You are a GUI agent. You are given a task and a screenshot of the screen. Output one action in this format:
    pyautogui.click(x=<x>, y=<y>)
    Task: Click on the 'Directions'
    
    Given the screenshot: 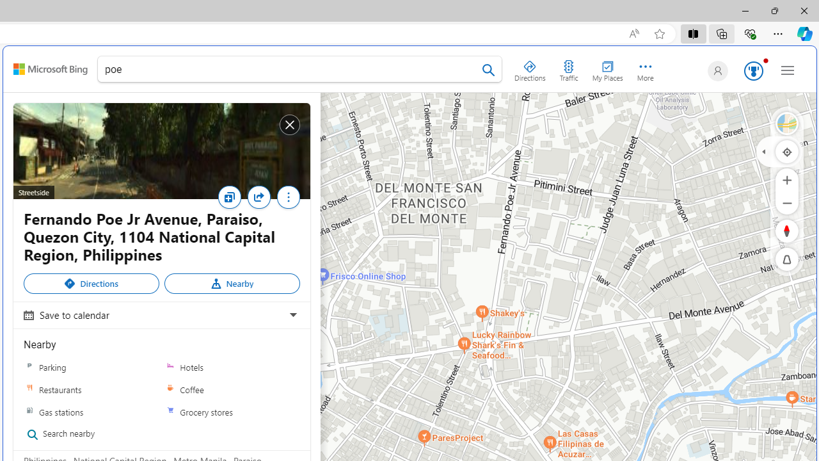 What is the action you would take?
    pyautogui.click(x=91, y=283)
    